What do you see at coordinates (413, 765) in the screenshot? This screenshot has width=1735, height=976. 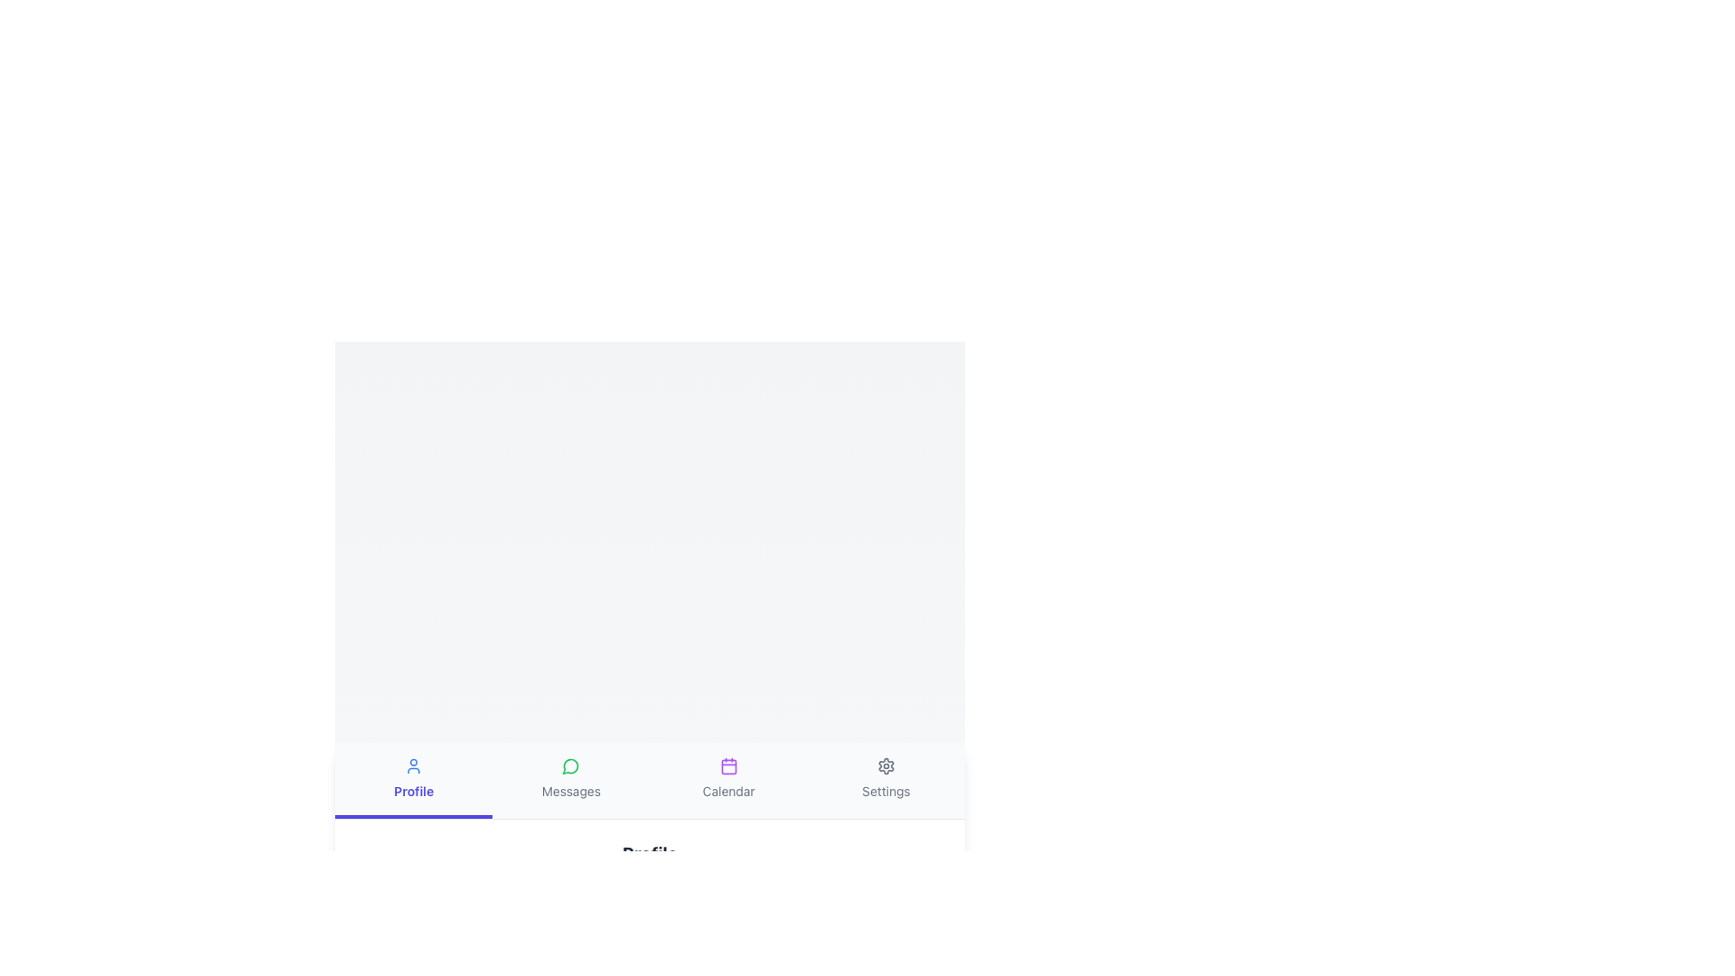 I see `the user profile SVG icon located at the top center of the 'Profile' tab section` at bounding box center [413, 765].